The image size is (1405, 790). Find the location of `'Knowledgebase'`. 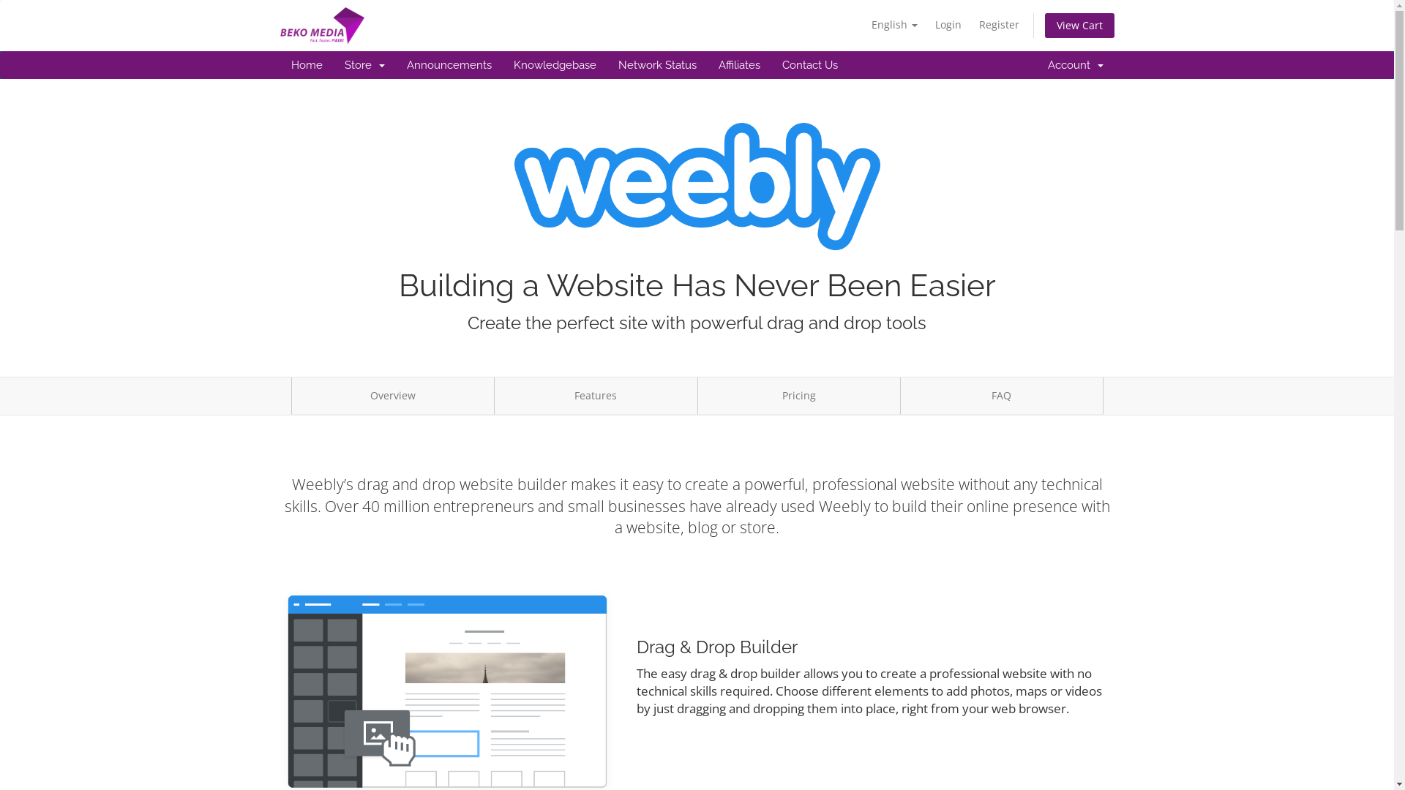

'Knowledgebase' is located at coordinates (502, 64).